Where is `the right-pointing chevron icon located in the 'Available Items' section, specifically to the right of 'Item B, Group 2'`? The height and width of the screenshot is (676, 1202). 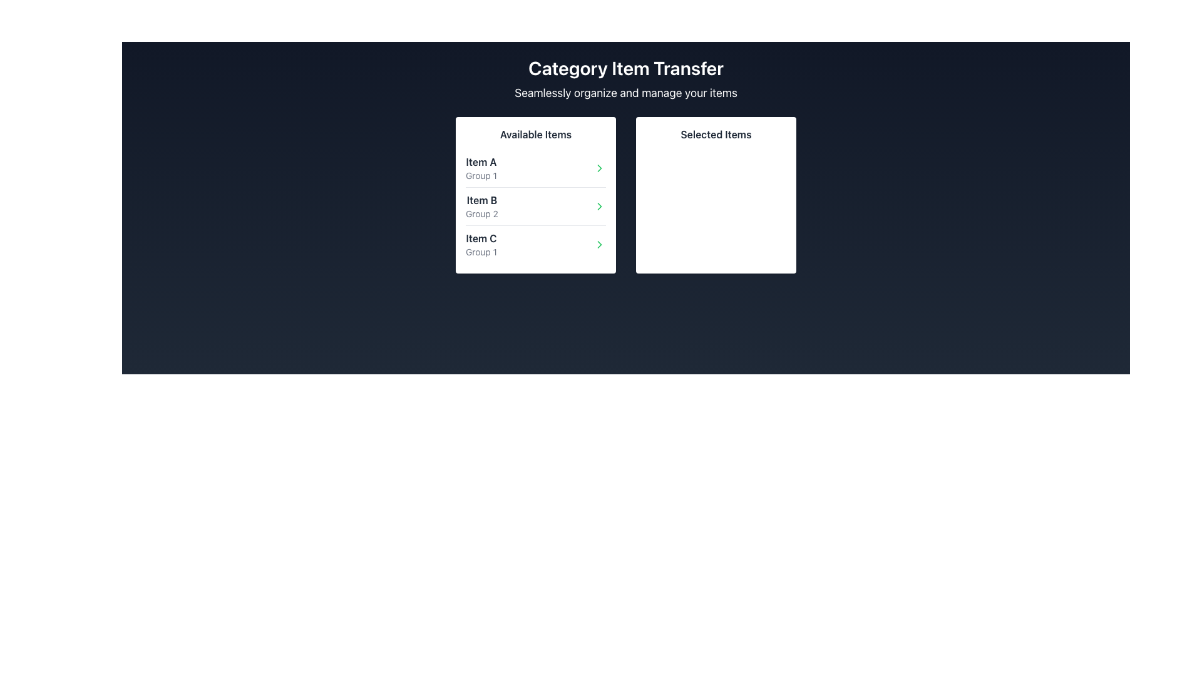 the right-pointing chevron icon located in the 'Available Items' section, specifically to the right of 'Item B, Group 2' is located at coordinates (599, 206).